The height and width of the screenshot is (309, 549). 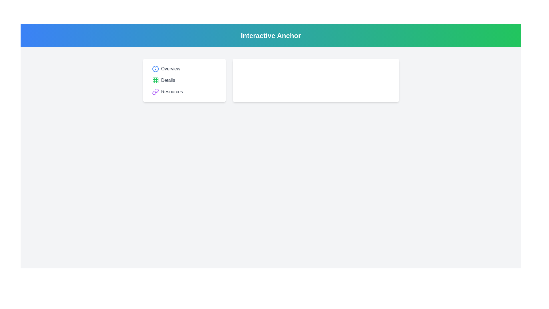 I want to click on the third button in the vertical list, which directs users to the Resources section of the application, so click(x=184, y=91).